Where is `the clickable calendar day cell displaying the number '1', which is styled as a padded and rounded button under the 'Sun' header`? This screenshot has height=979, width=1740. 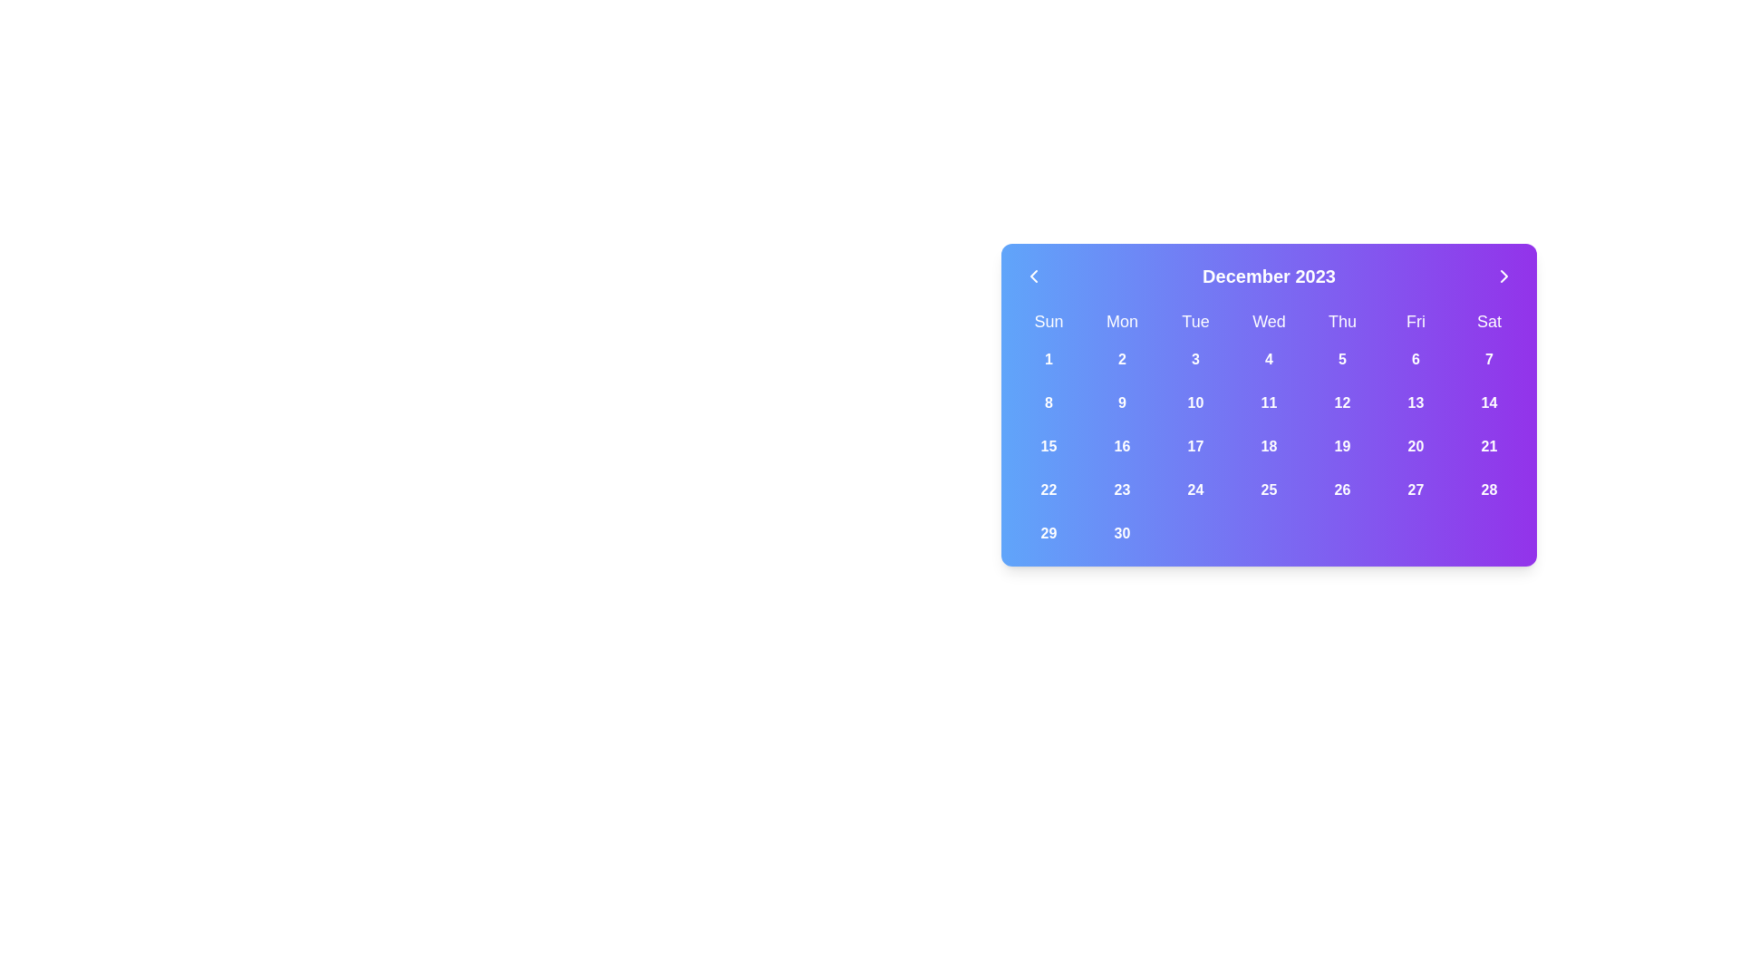 the clickable calendar day cell displaying the number '1', which is styled as a padded and rounded button under the 'Sun' header is located at coordinates (1049, 360).